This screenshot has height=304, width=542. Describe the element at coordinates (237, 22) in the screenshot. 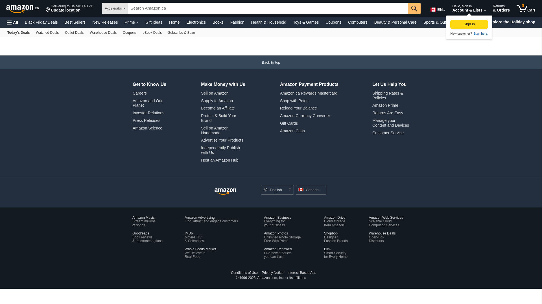

I see `'Fashion'` at that location.